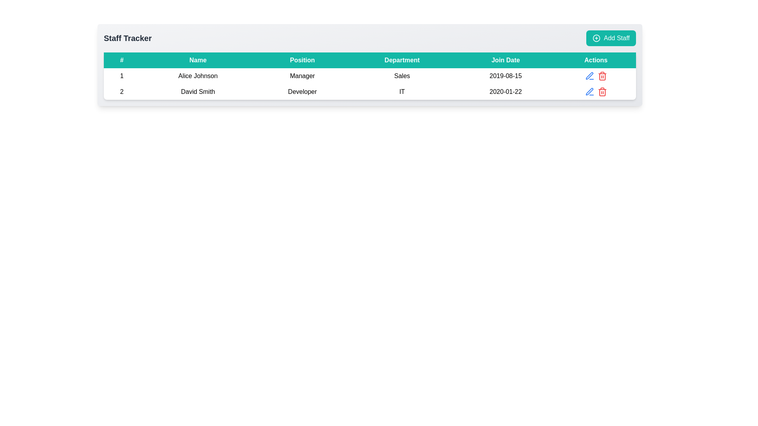 The width and height of the screenshot is (758, 426). What do you see at coordinates (369, 76) in the screenshot?
I see `the first table row displaying employee information for Alice Johnson` at bounding box center [369, 76].